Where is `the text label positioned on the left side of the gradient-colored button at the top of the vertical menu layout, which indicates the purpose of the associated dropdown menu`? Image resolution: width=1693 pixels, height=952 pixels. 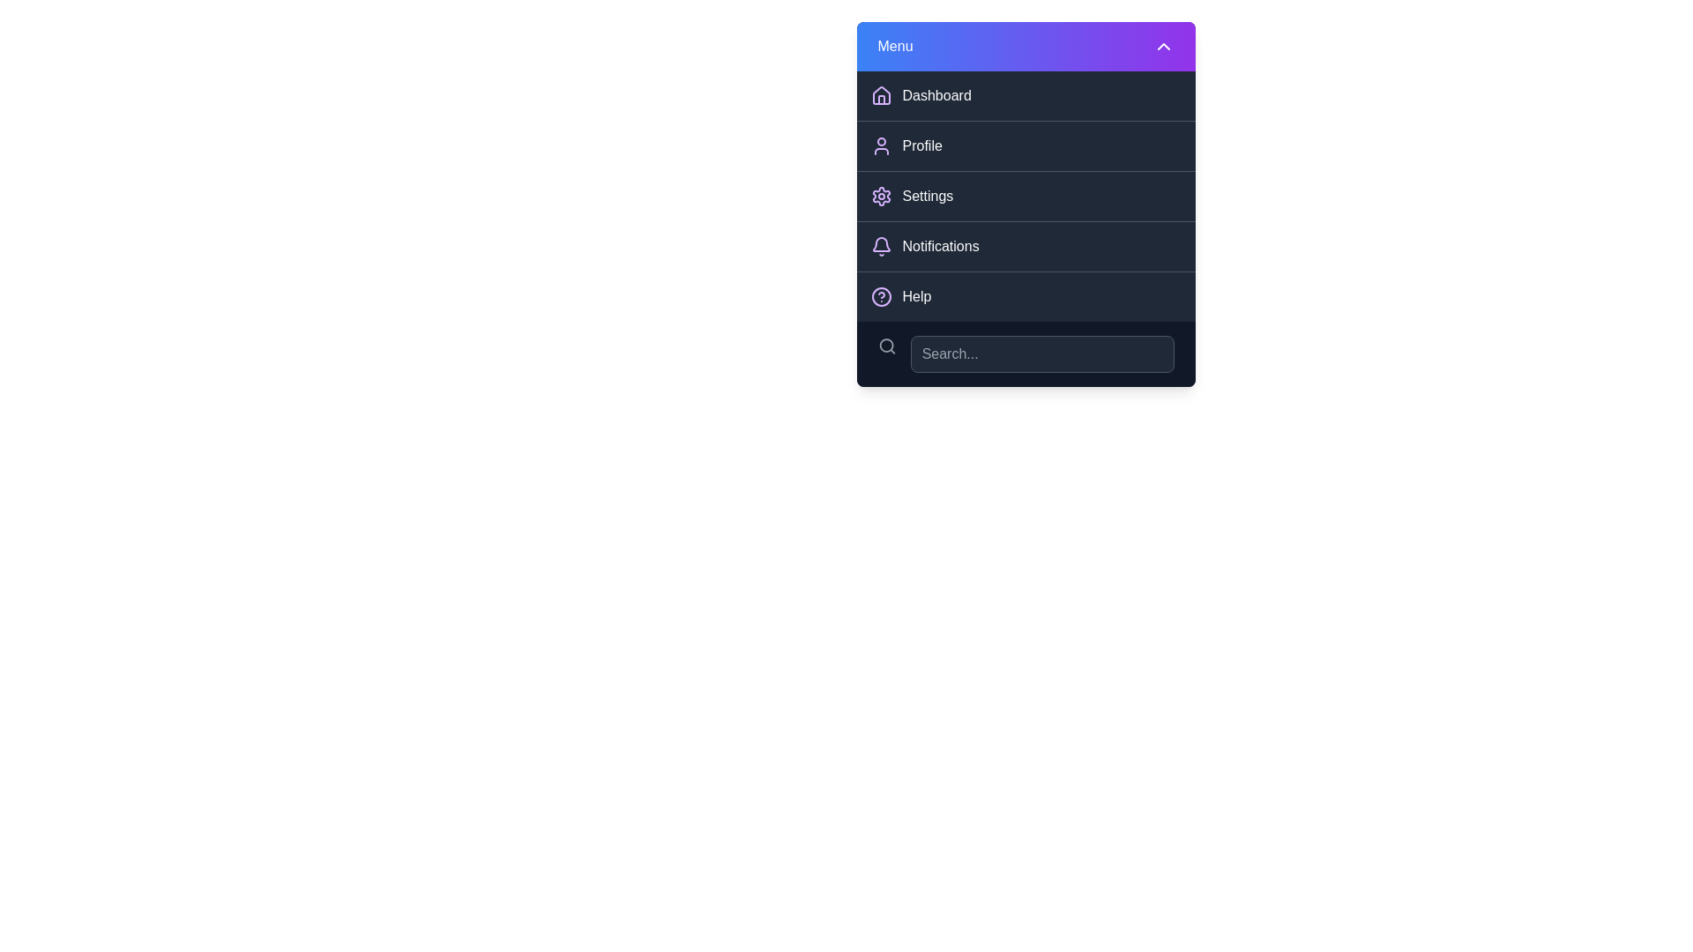 the text label positioned on the left side of the gradient-colored button at the top of the vertical menu layout, which indicates the purpose of the associated dropdown menu is located at coordinates (895, 46).